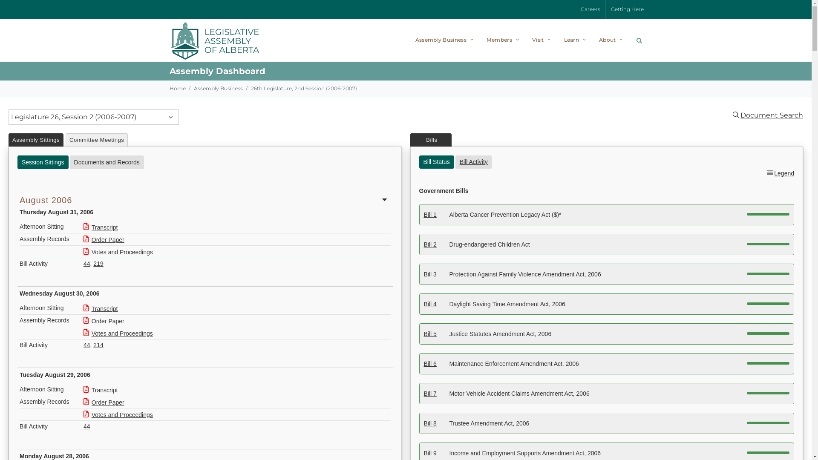  Describe the element at coordinates (104, 239) in the screenshot. I see `'Order Paper'` at that location.